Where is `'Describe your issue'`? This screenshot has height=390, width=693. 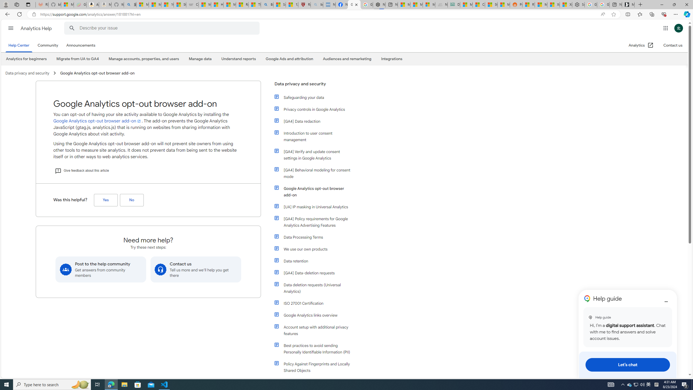
'Describe your issue' is located at coordinates (162, 28).